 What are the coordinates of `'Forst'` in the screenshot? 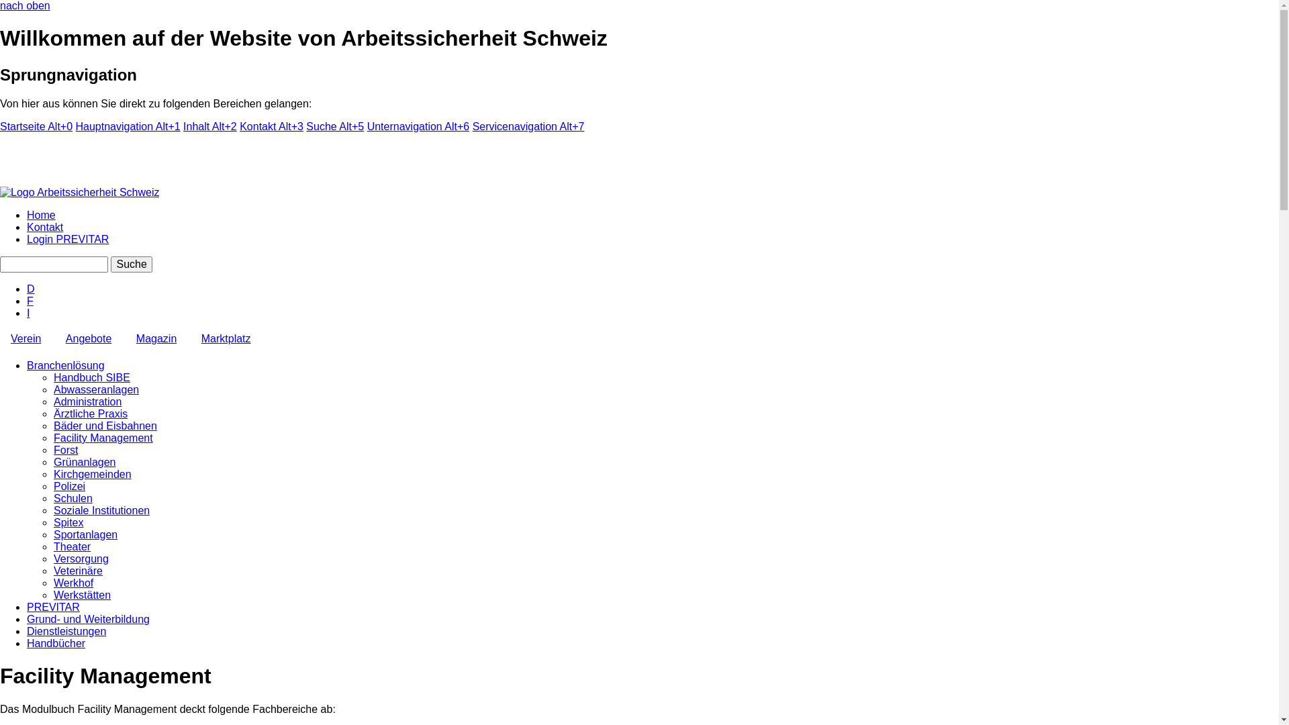 It's located at (64, 450).